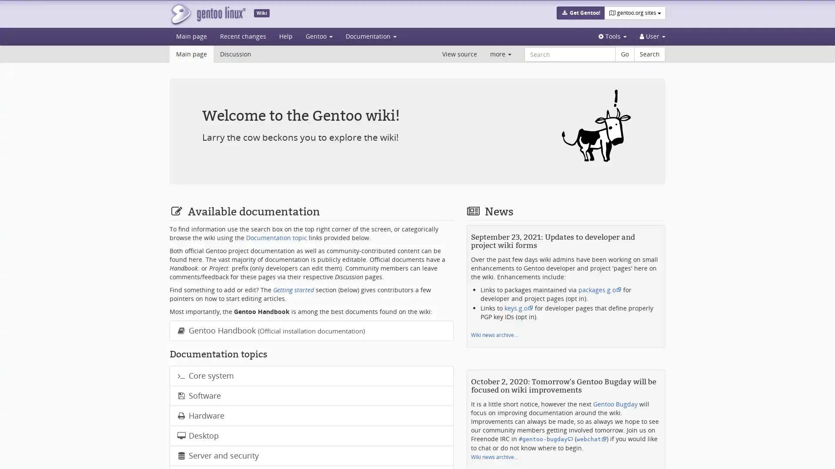  I want to click on more, so click(501, 54).